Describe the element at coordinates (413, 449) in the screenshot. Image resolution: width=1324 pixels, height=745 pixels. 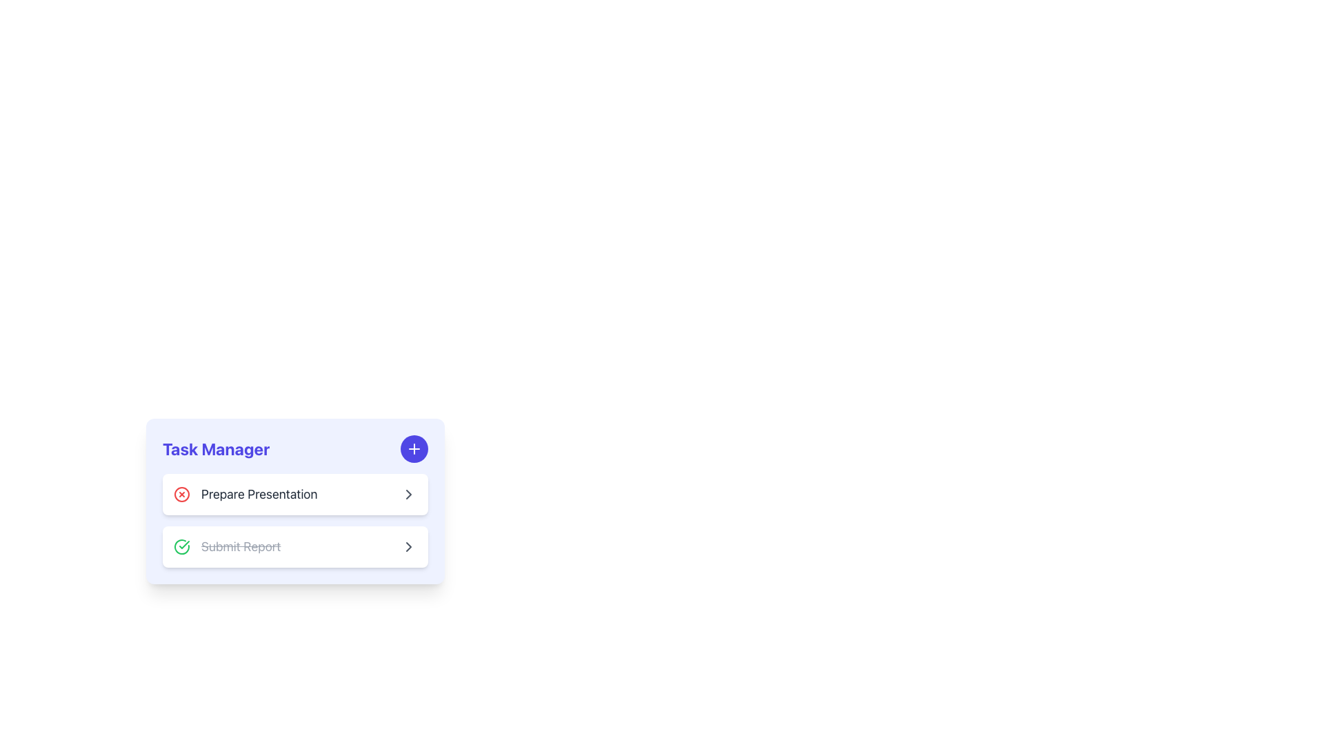
I see `the '+' icon button with a deep blue background located in the top-right corner of the 'Task Manager' panel` at that location.